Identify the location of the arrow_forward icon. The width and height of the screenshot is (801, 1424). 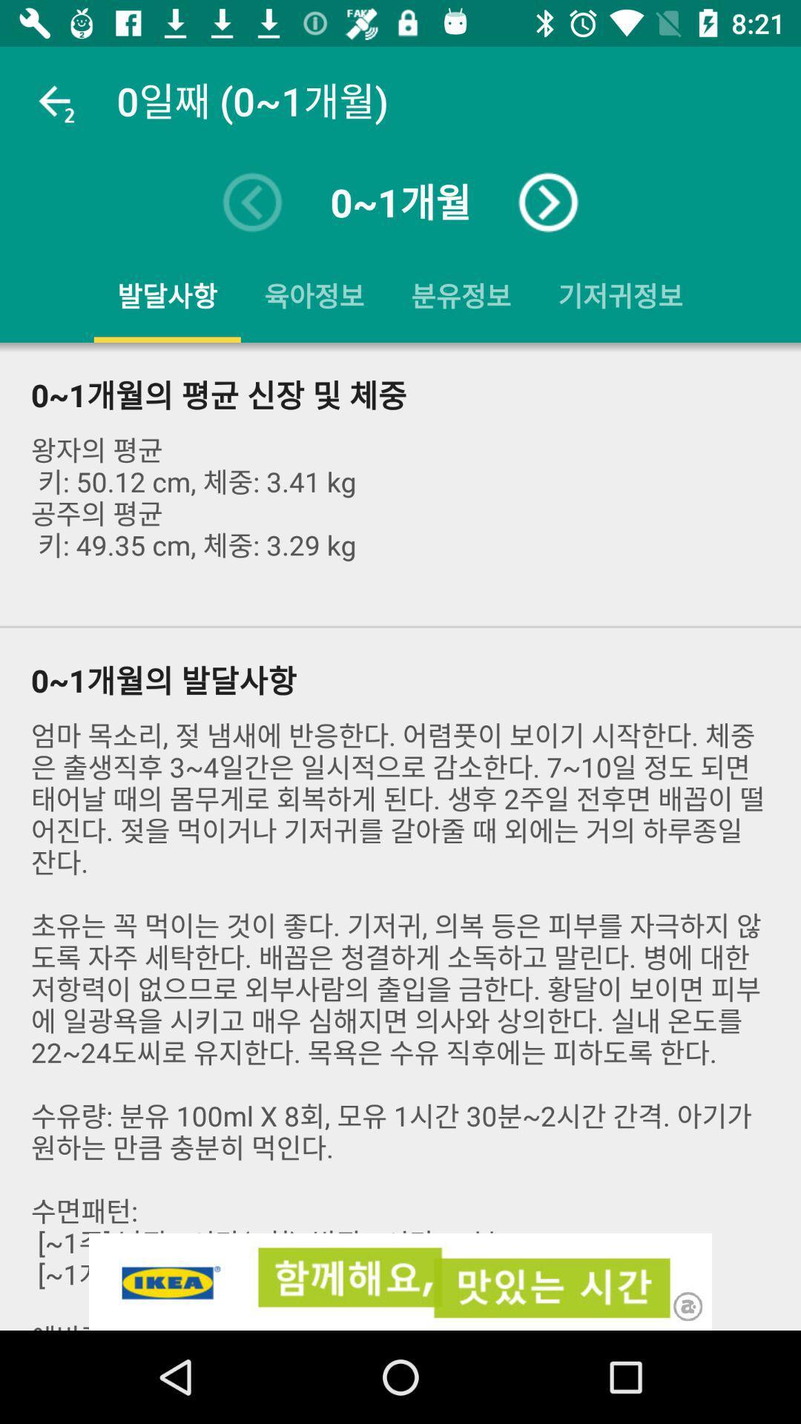
(548, 202).